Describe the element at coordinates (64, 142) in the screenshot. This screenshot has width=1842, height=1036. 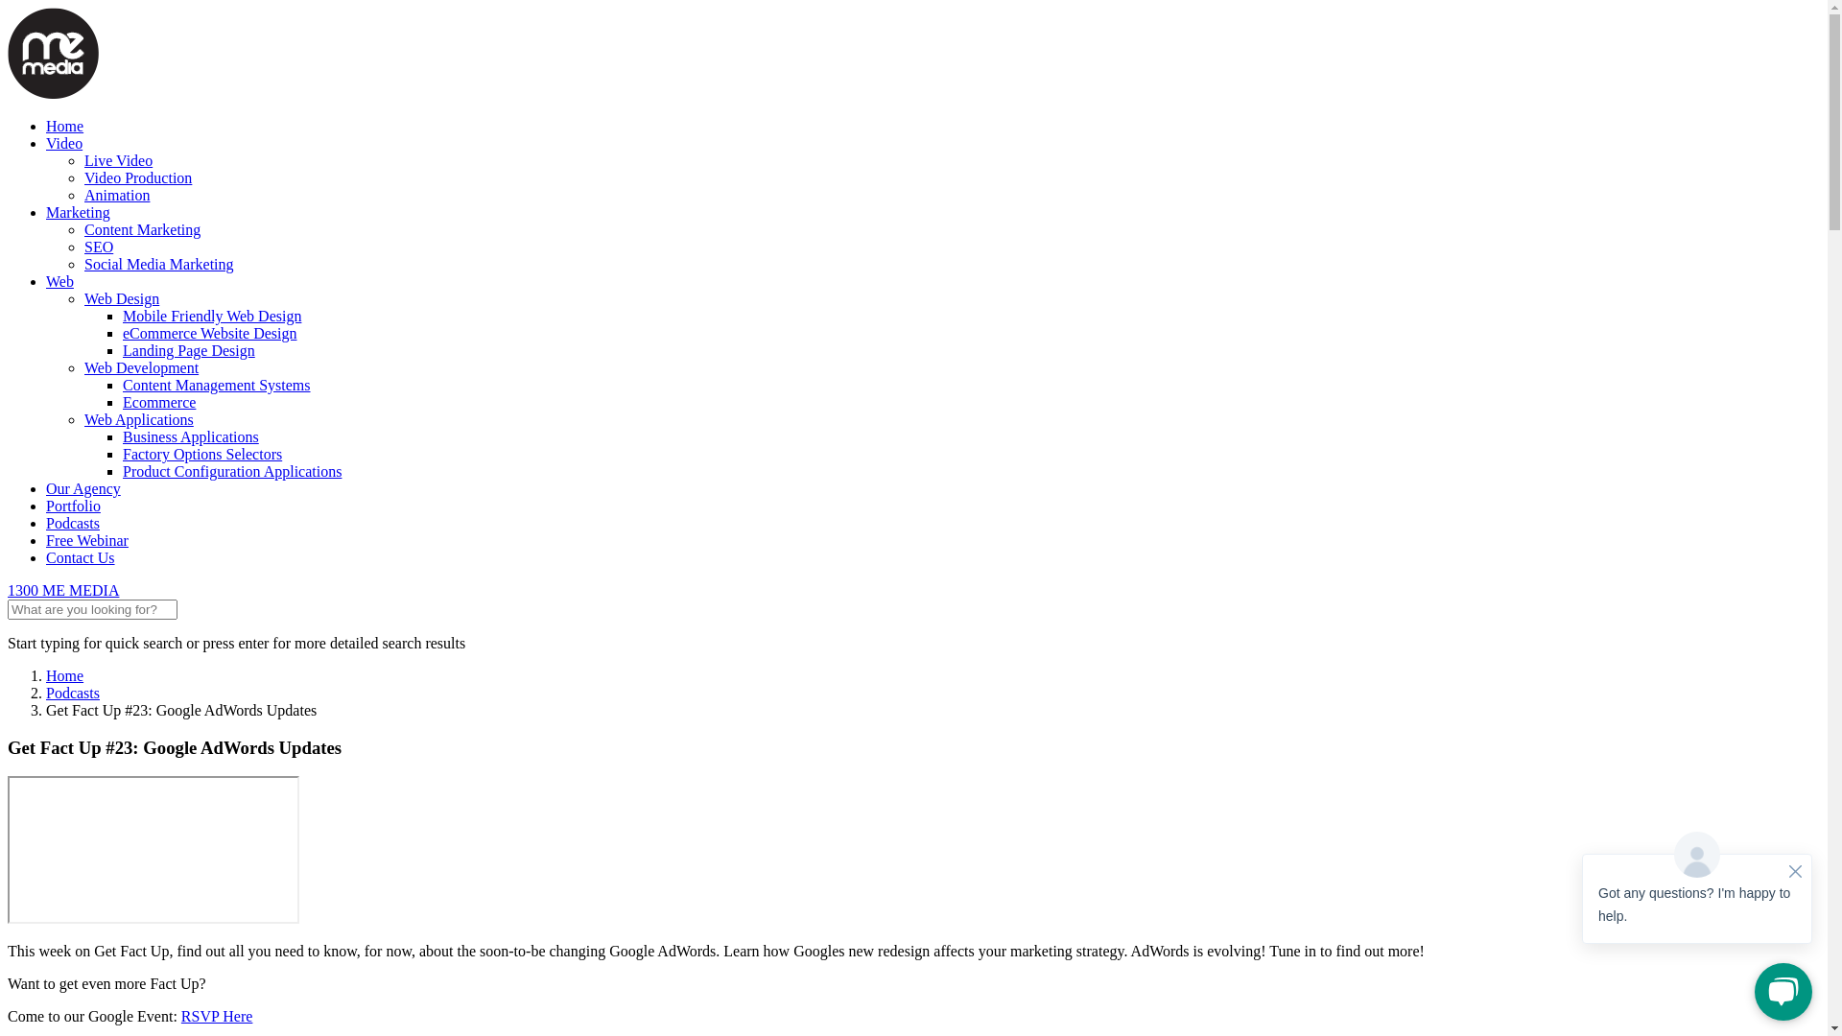
I see `'Video'` at that location.